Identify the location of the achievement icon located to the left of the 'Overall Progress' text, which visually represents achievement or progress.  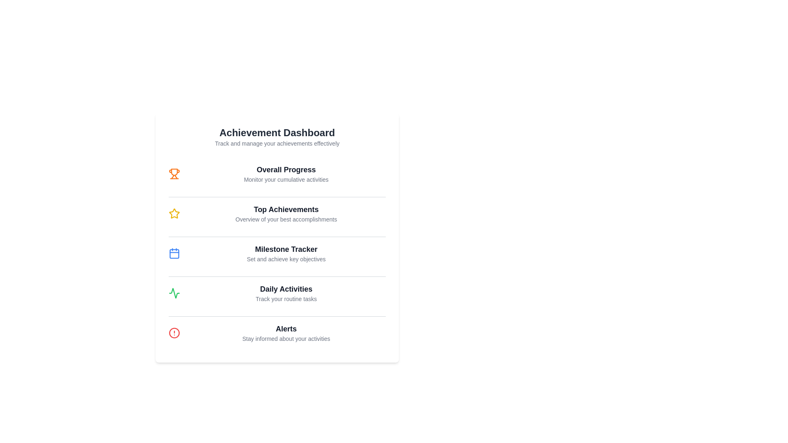
(174, 174).